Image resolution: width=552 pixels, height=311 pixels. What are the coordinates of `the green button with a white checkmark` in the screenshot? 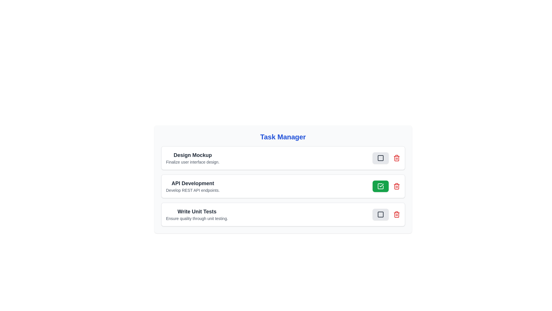 It's located at (380, 186).